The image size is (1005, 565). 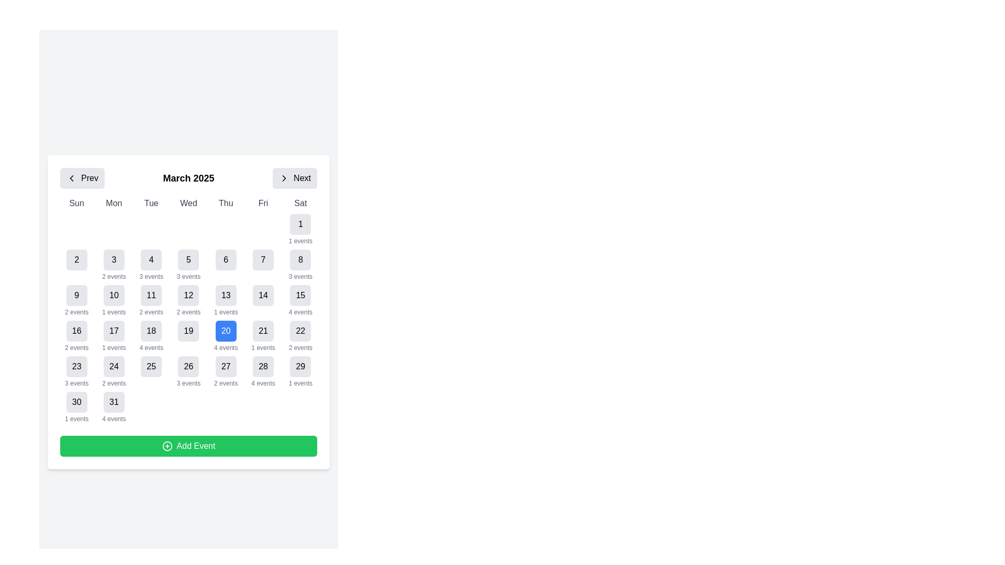 I want to click on the text label displaying '3 events' located below the number '8' in the calendar cell for March 8, 2025, if interactive elements are attached, so click(x=300, y=276).